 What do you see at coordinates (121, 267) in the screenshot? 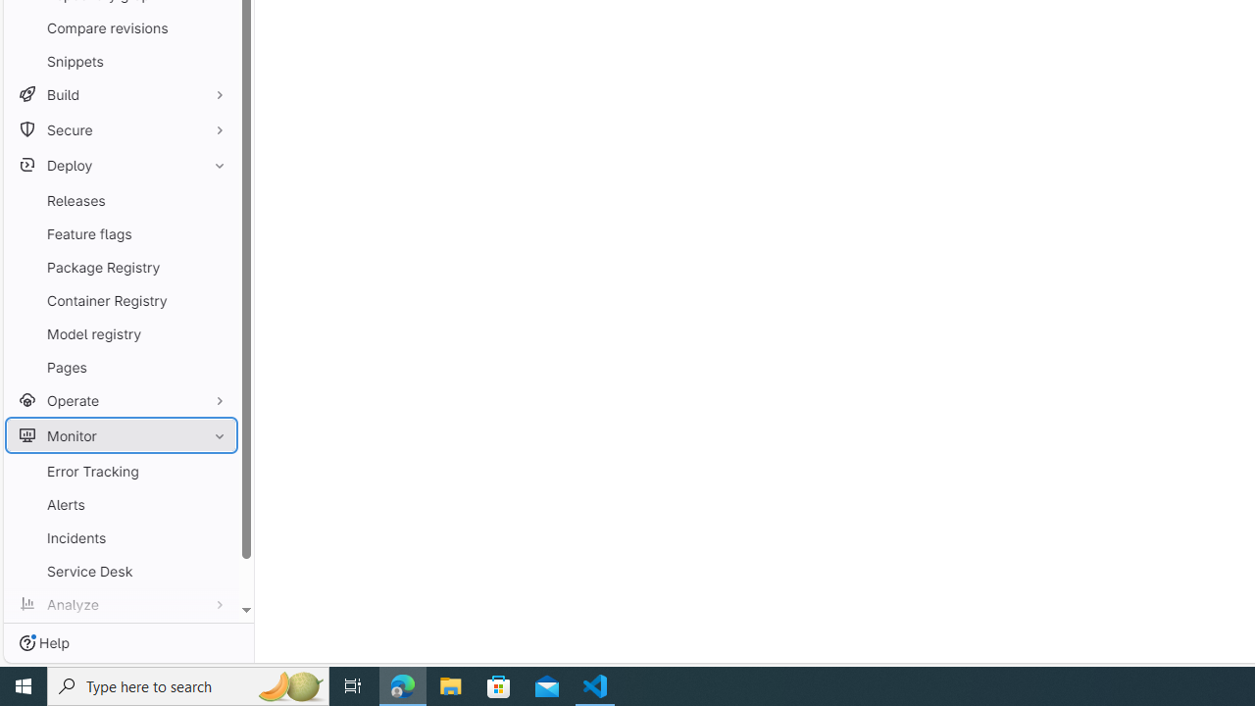
I see `'Package Registry'` at bounding box center [121, 267].